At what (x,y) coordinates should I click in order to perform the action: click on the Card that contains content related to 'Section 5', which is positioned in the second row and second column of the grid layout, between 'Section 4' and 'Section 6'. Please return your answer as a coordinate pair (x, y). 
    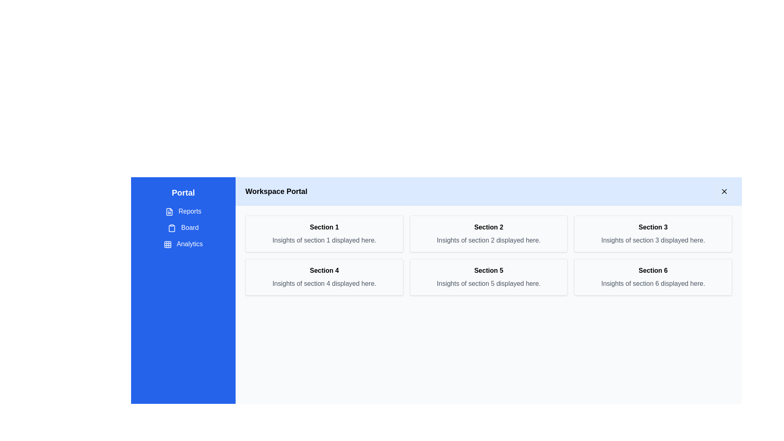
    Looking at the image, I should click on (488, 276).